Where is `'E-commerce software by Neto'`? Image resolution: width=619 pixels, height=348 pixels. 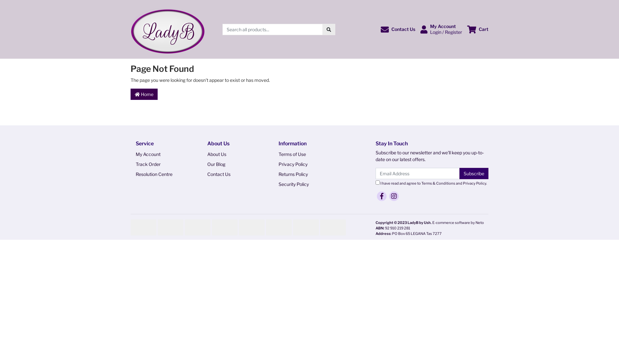
'E-commerce software by Neto' is located at coordinates (457, 222).